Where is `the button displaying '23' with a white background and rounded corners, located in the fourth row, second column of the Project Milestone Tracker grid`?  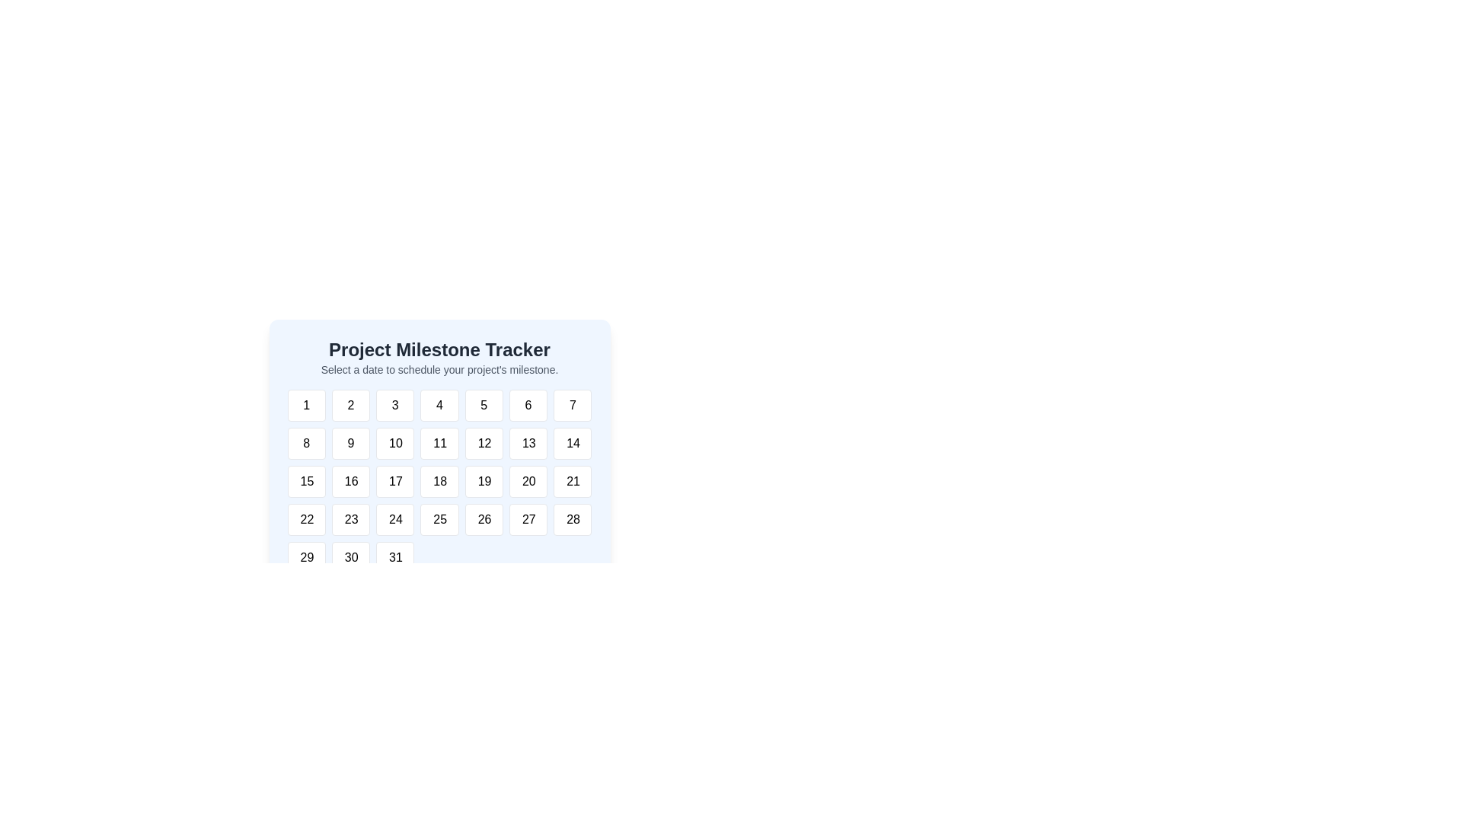 the button displaying '23' with a white background and rounded corners, located in the fourth row, second column of the Project Milestone Tracker grid is located at coordinates (350, 518).